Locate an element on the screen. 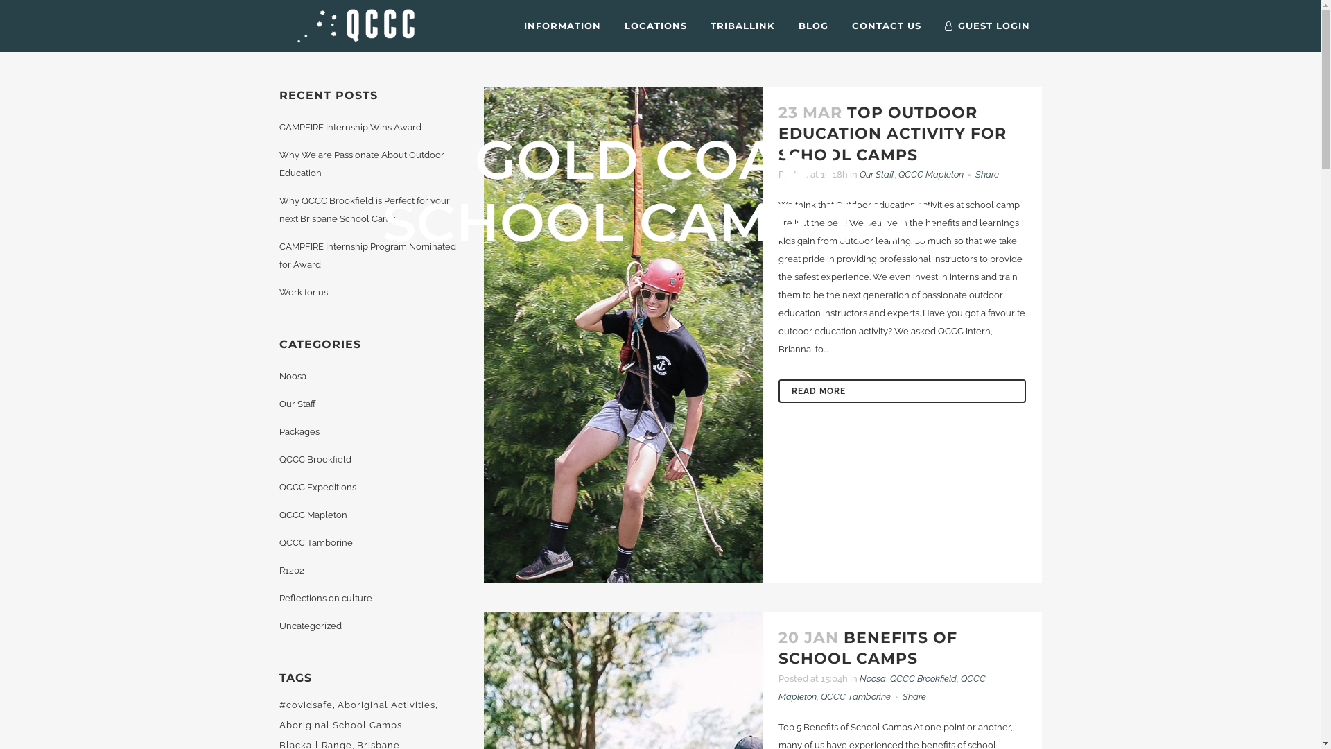 Image resolution: width=1331 pixels, height=749 pixels. 'Packages' is located at coordinates (298, 431).